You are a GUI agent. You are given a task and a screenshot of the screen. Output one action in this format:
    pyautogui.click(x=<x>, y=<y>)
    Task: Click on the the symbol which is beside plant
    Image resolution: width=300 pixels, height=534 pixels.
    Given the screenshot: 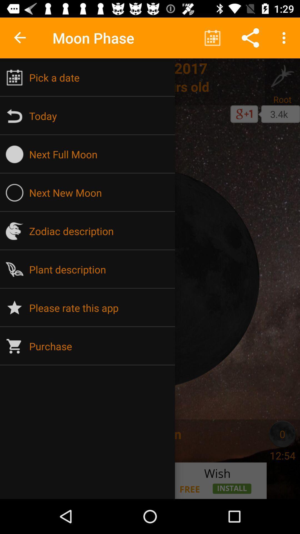 What is the action you would take?
    pyautogui.click(x=14, y=270)
    